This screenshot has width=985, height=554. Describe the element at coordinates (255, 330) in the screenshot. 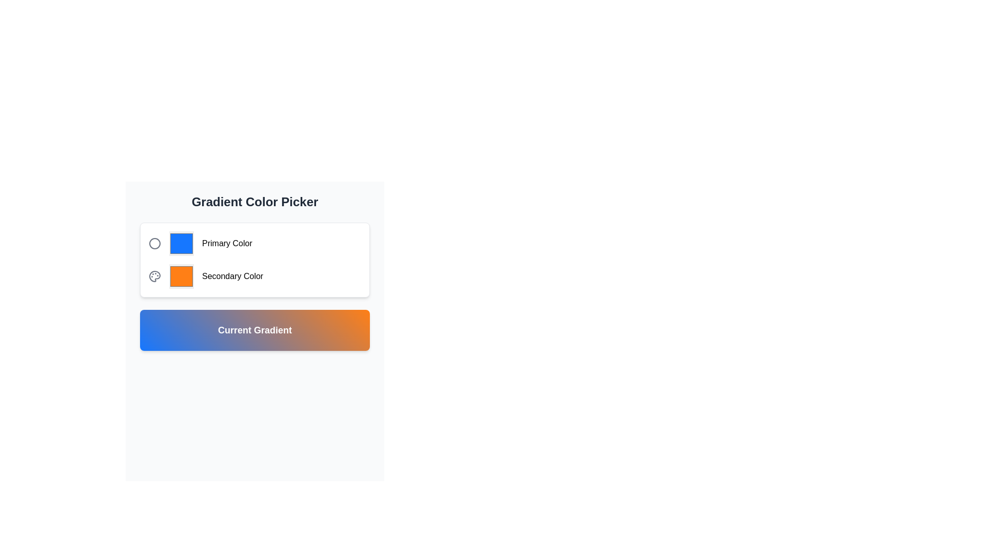

I see `the Display Panel labeled 'Current Gradient', which features a gradient background transitioning from blue to orange and contains bold white text` at that location.